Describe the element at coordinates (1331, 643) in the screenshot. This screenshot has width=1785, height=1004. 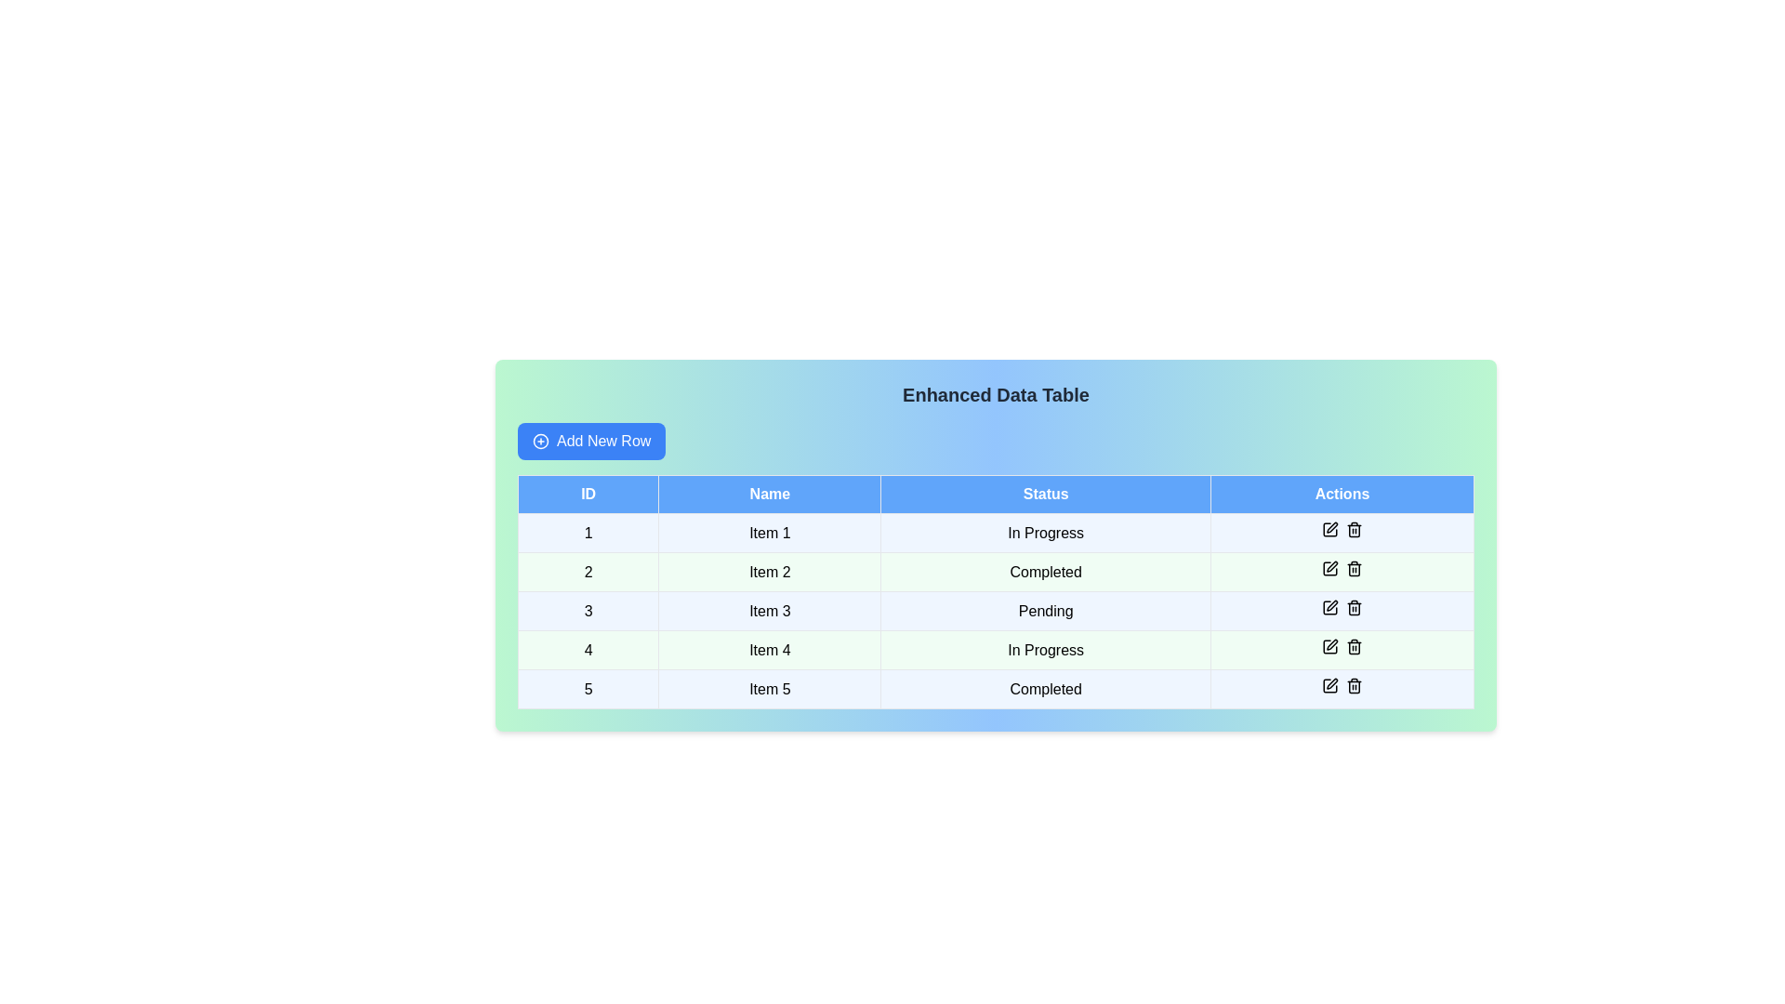
I see `the edit button represented by a pen icon in the 'Actions' column for 'Item 4', located towards the left side adjacent to the trash can icon` at that location.